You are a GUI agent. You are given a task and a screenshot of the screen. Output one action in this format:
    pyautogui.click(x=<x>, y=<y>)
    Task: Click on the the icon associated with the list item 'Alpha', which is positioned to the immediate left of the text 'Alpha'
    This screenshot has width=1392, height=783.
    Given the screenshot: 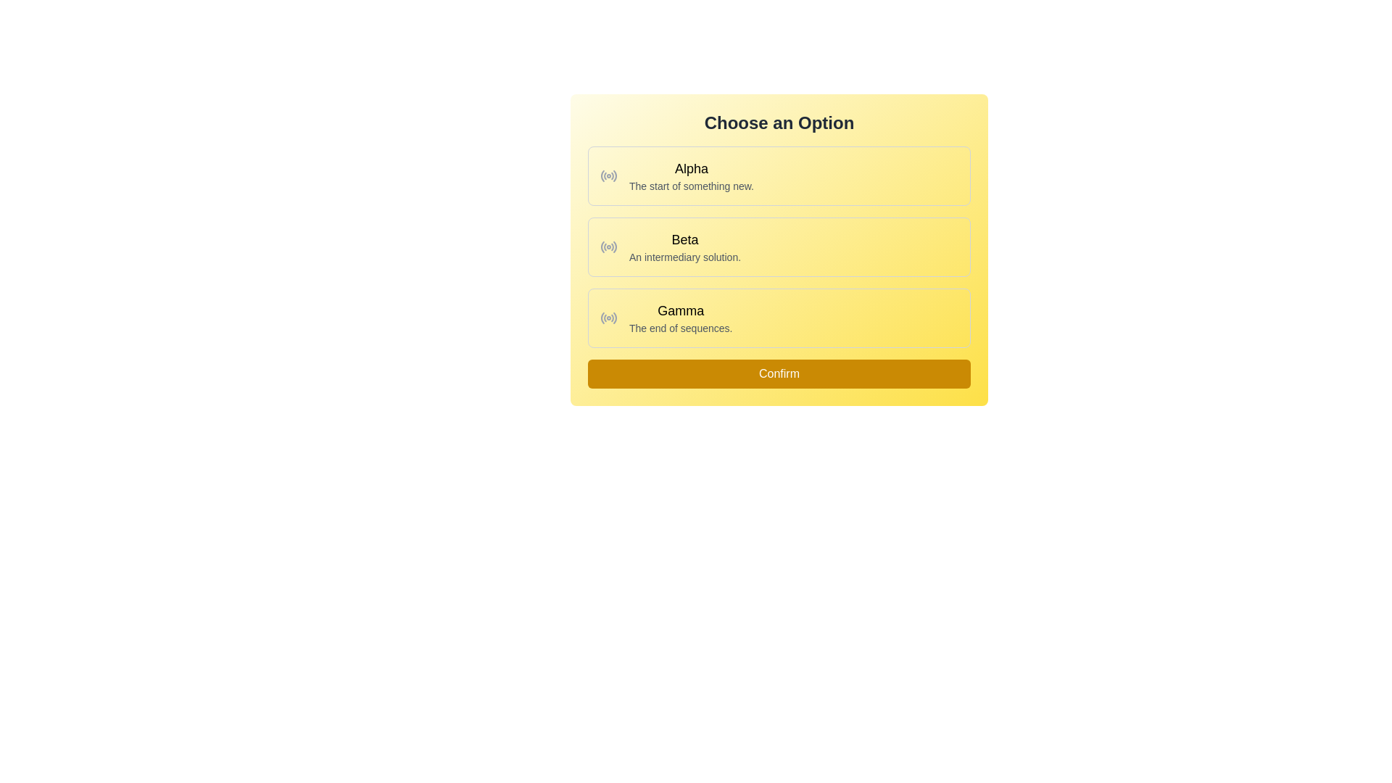 What is the action you would take?
    pyautogui.click(x=609, y=175)
    